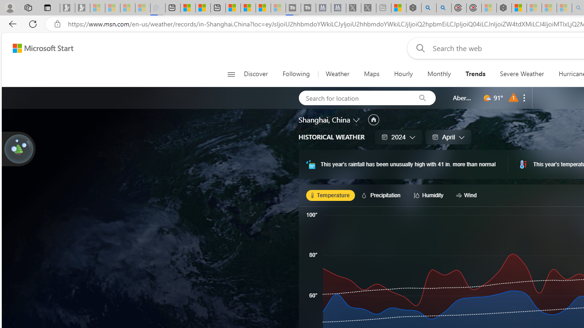  Describe the element at coordinates (429, 195) in the screenshot. I see `'Humidity'` at that location.